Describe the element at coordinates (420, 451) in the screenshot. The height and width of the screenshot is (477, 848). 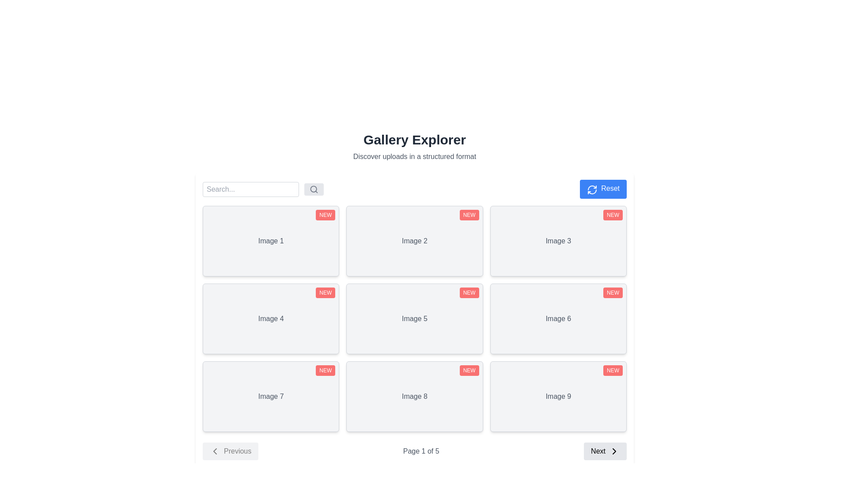
I see `the static text label that indicates the current page ('Page 1') and the total number of pages ('5') in the pagination system, located centrally in the pagination bar` at that location.